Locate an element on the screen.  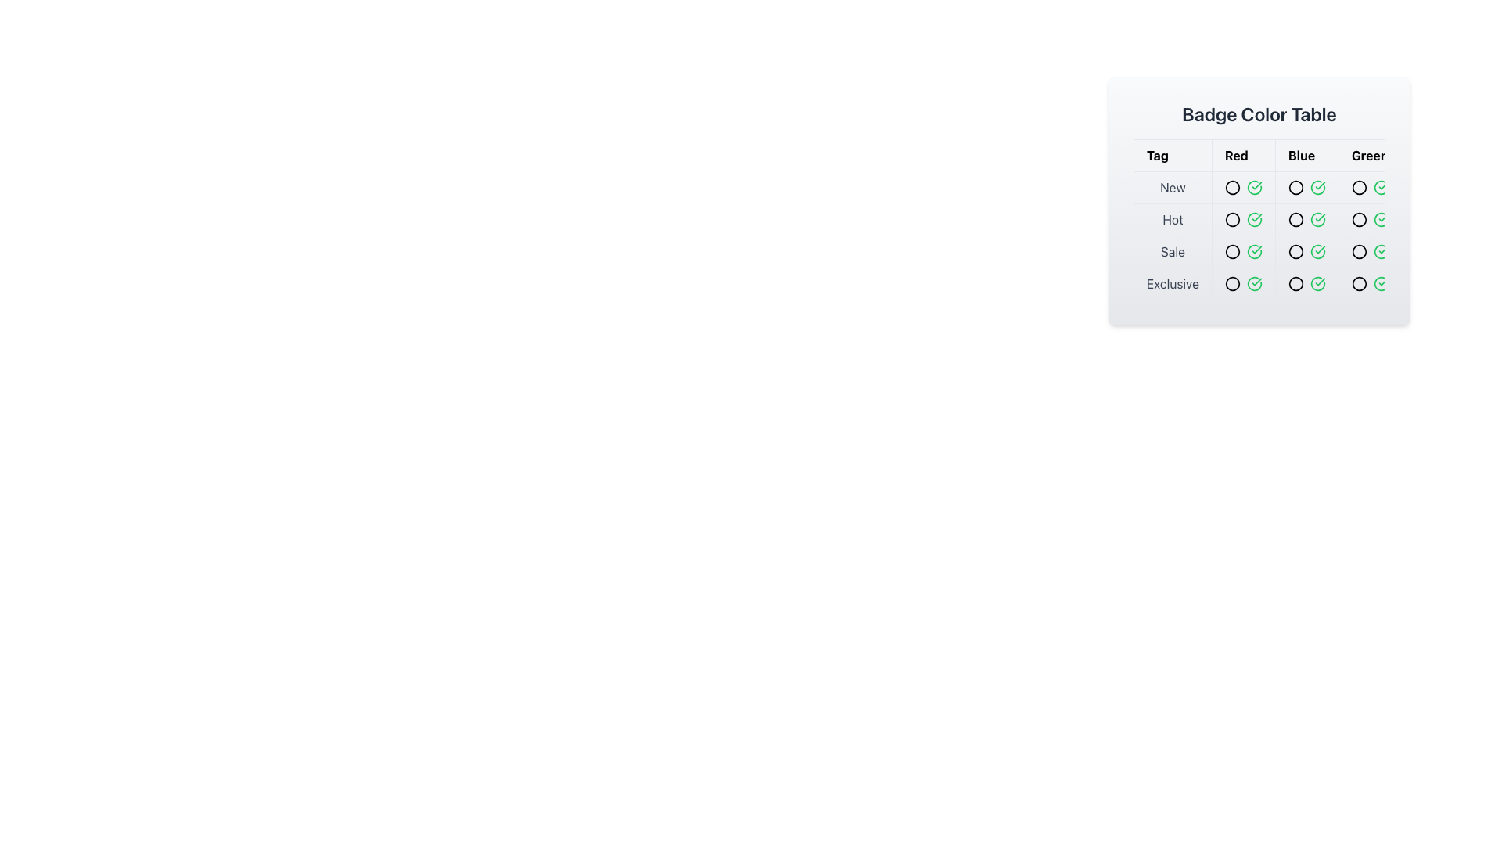
the Icon element representing the 'Blue' category in the 'New' row of the grid layout is located at coordinates (1300, 186).